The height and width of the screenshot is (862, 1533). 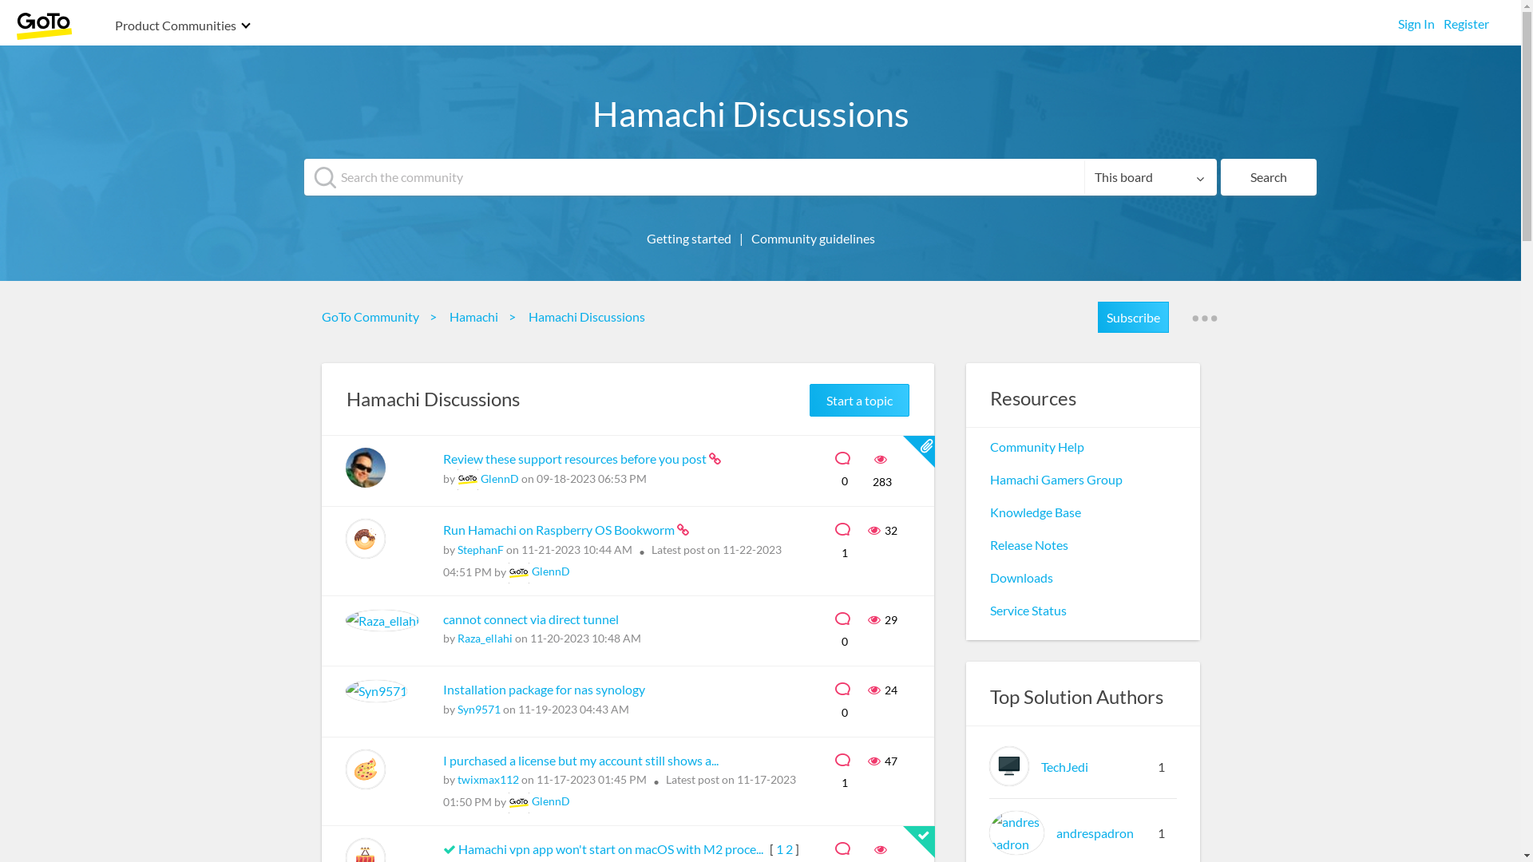 I want to click on 'Getting started', so click(x=640, y=238).